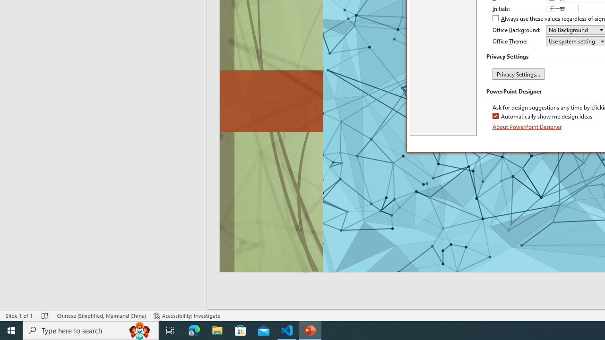 The width and height of the screenshot is (605, 340). What do you see at coordinates (170, 330) in the screenshot?
I see `'Task View'` at bounding box center [170, 330].